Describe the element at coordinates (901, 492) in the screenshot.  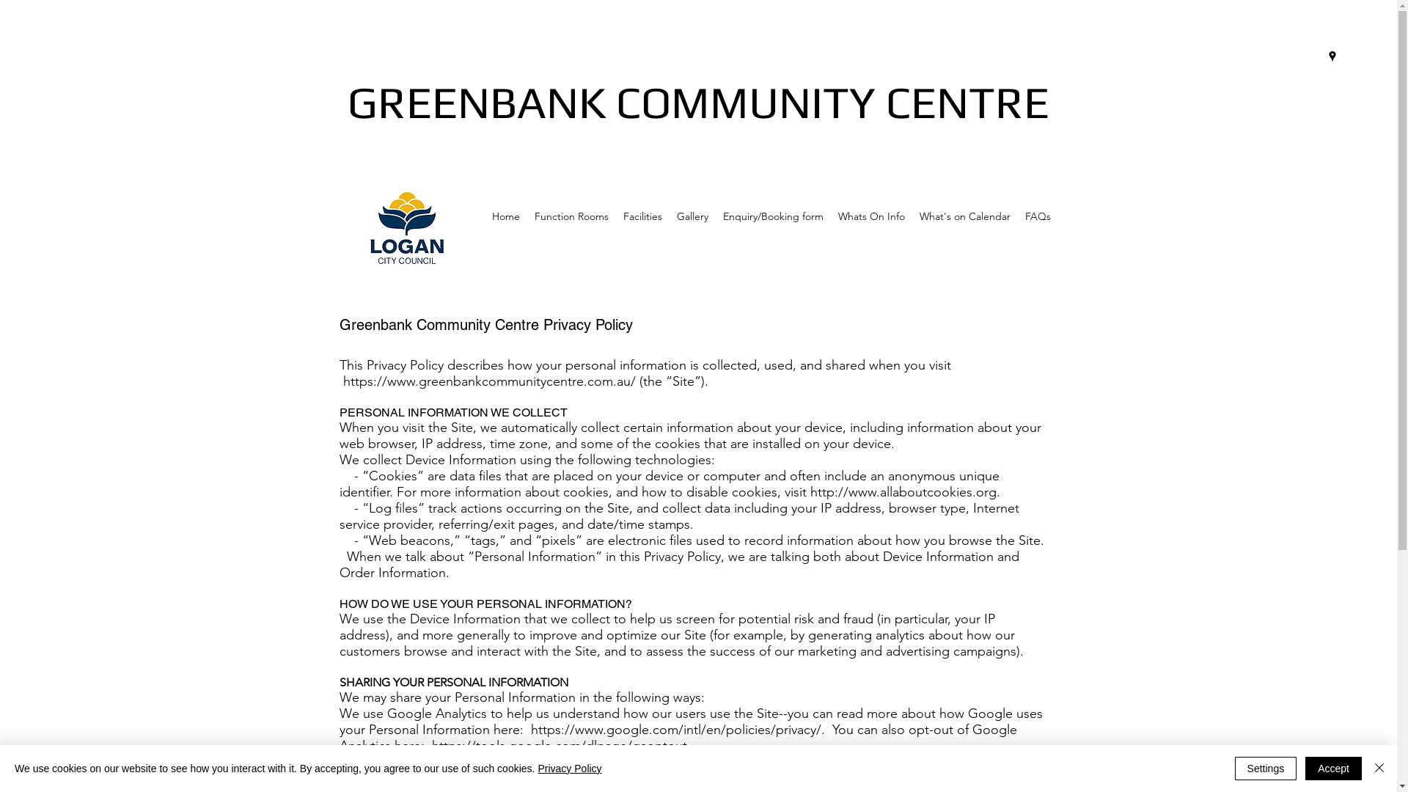
I see `'http://www.allaboutcookies.org'` at that location.